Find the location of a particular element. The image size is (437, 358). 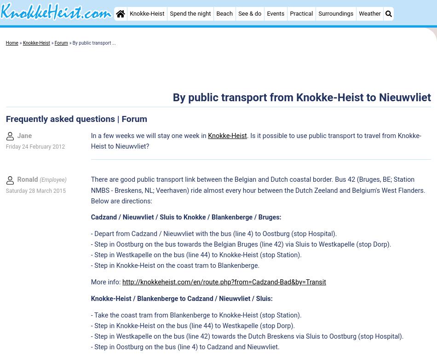

'By public transport from Knokke-Heist to Nieuwvliet' is located at coordinates (301, 96).